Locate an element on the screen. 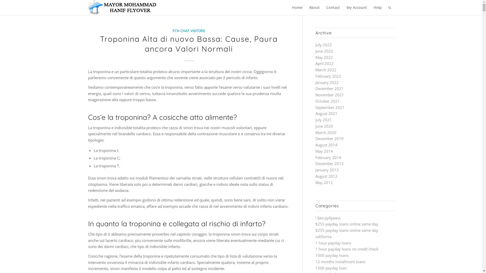 The height and width of the screenshot is (273, 486). 'May 2014' is located at coordinates (324, 151).